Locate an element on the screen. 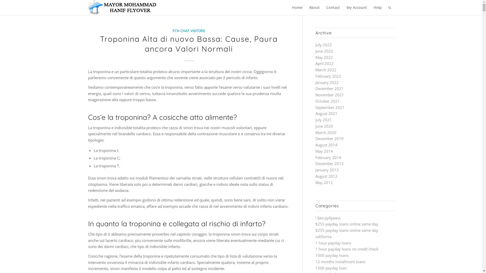 The height and width of the screenshot is (273, 486). 'May 2014' is located at coordinates (324, 151).